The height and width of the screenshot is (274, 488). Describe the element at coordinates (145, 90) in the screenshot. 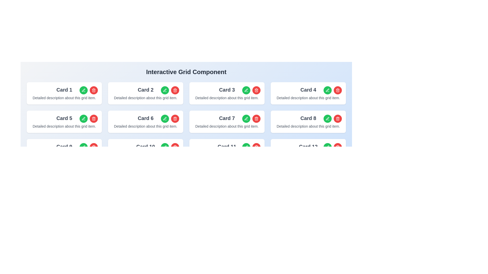

I see `the text element 'Card 2' which is styled with a larger bold font in dark gray color, located in the upper section of the second card in the grid layout` at that location.